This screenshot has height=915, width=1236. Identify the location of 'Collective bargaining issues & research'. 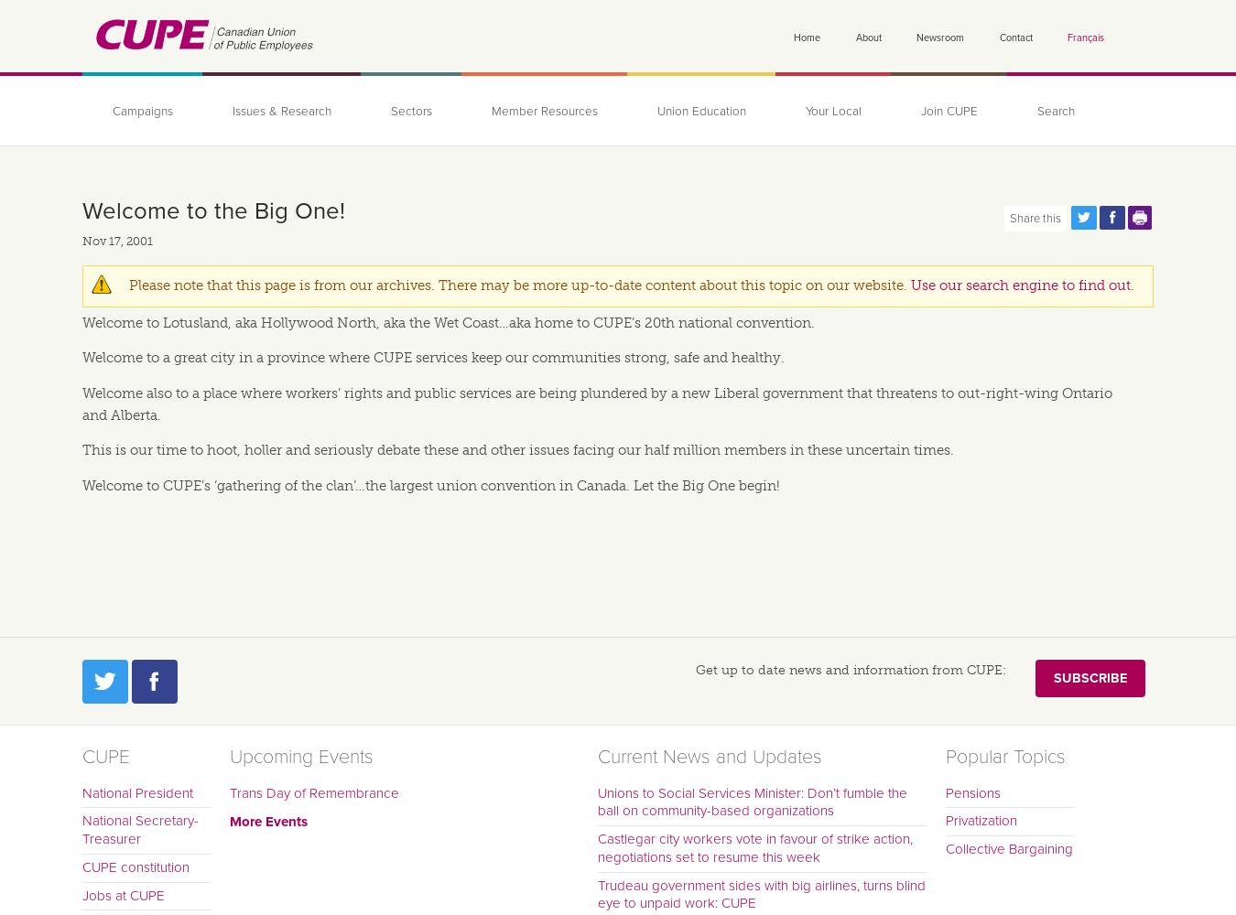
(505, 231).